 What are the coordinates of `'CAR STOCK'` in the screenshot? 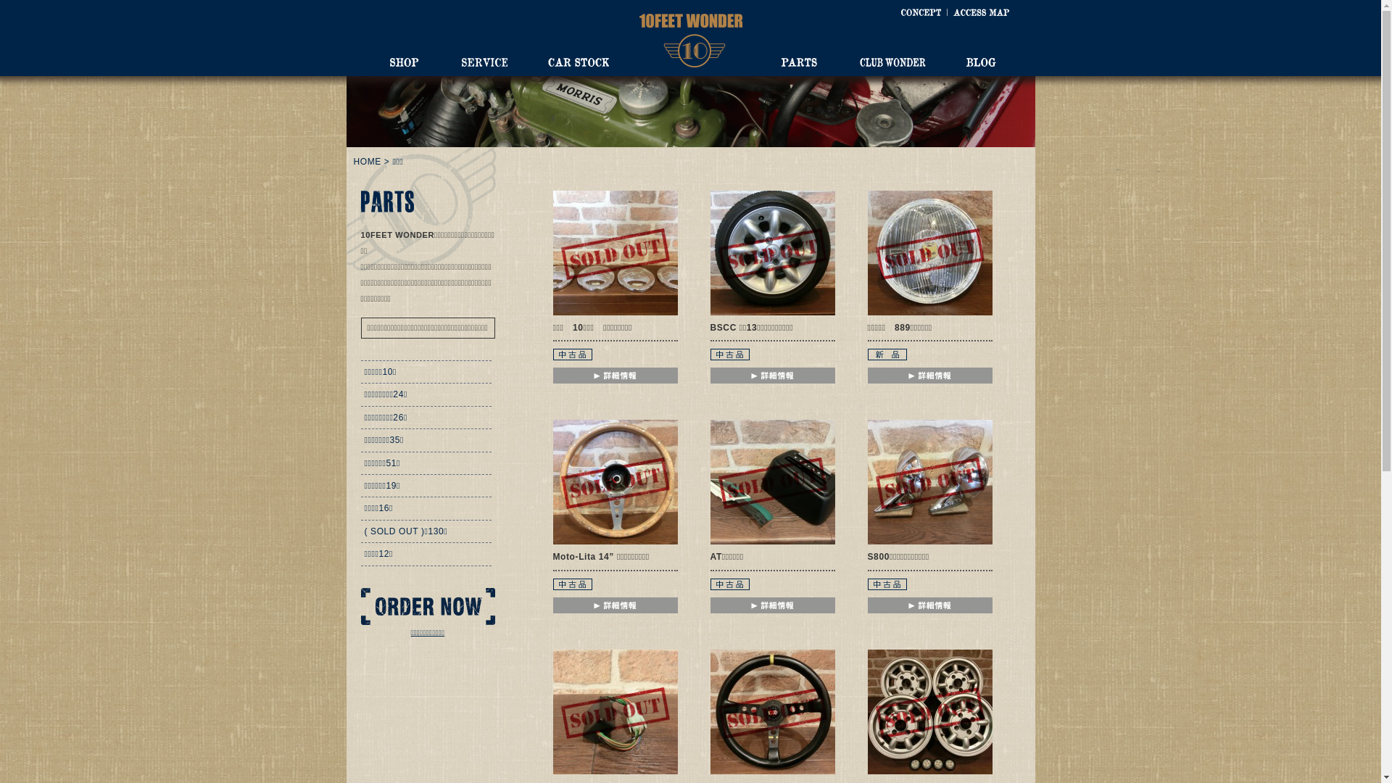 It's located at (577, 61).